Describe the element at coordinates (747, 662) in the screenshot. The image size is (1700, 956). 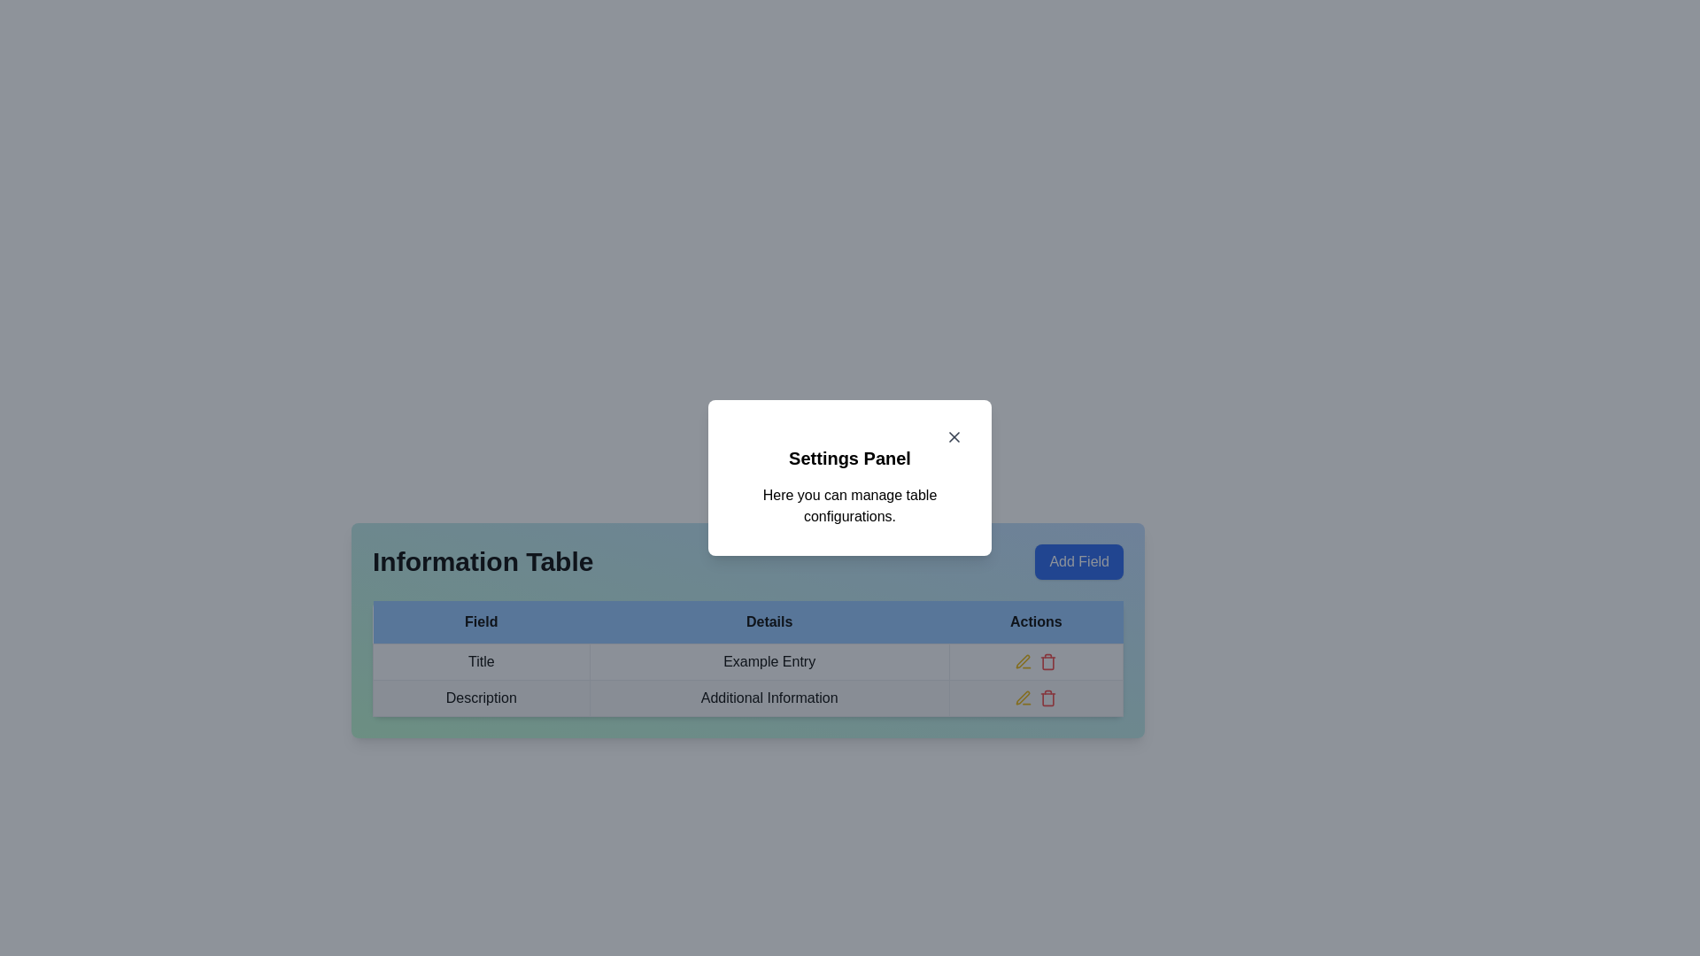
I see `the static text display that shows 'Example Entry' in the 'Details' column of the information table, which is aligned with the 'Title' field row` at that location.